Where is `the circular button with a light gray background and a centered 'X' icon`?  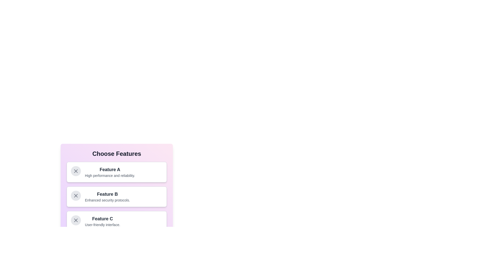
the circular button with a light gray background and a centered 'X' icon is located at coordinates (75, 220).